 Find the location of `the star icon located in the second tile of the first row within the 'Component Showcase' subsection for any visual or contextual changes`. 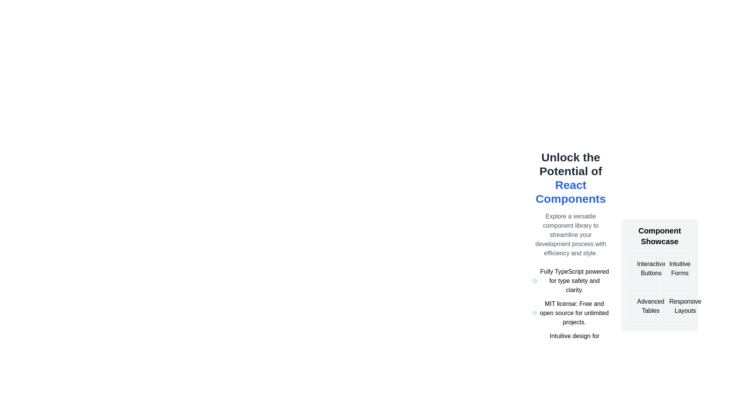

the star icon located in the second tile of the first row within the 'Component Showcase' subsection for any visual or contextual changes is located at coordinates (669, 268).